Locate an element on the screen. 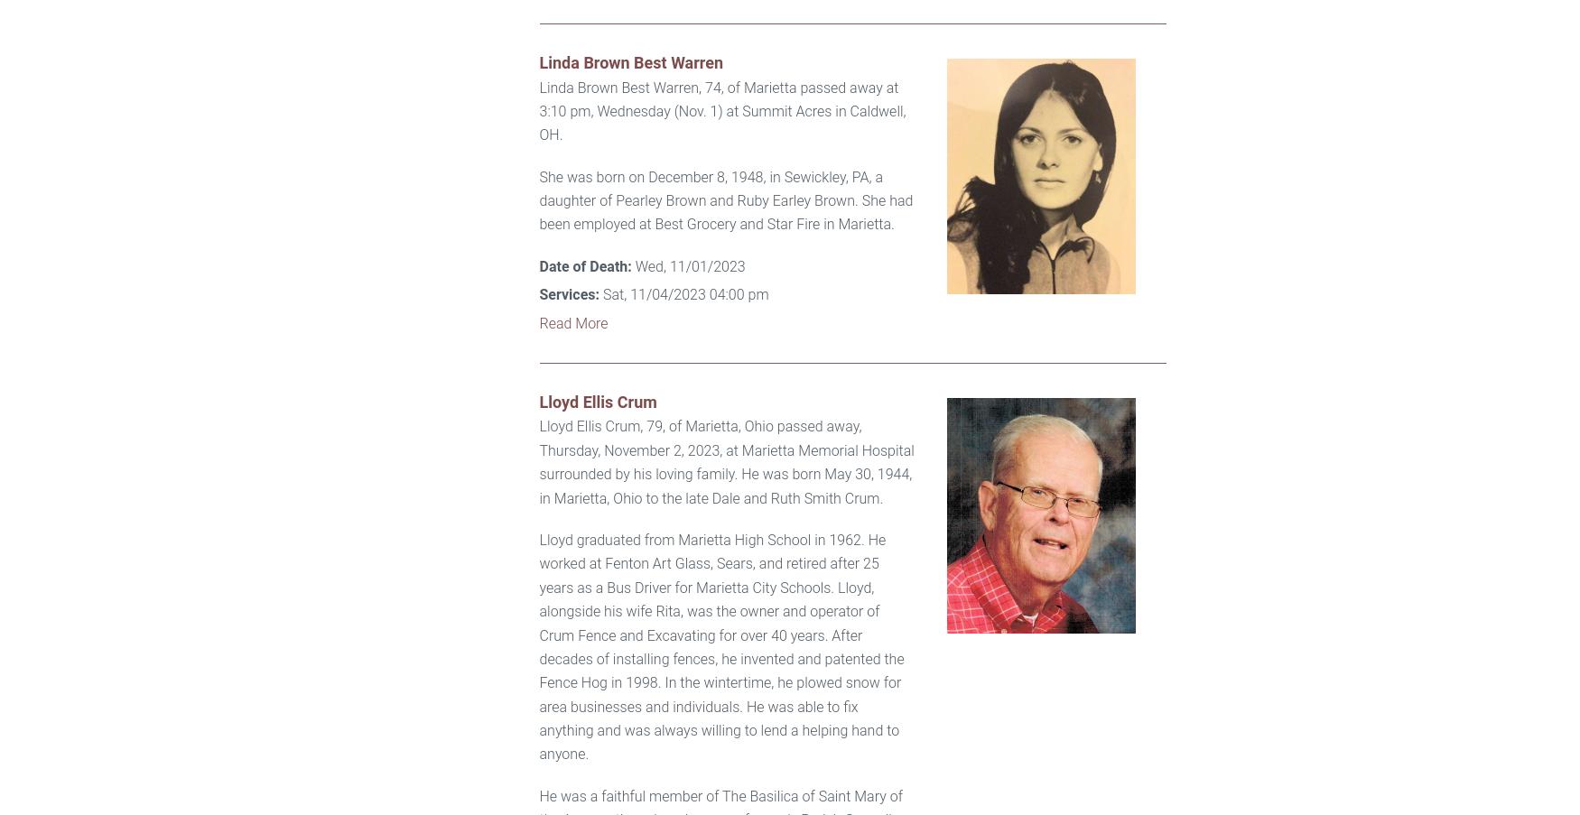 This screenshot has height=815, width=1580. 'Lloyd Ellis Crum, 79, of Marietta, Ohio passed away, Thursday, November 2, 2023, at Marietta Memorial Hospital surrounded by his loving family. He was born May 30, 1944, in Marietta, Ohio to the late Dale and Ruth Smith Crum.' is located at coordinates (725, 462).